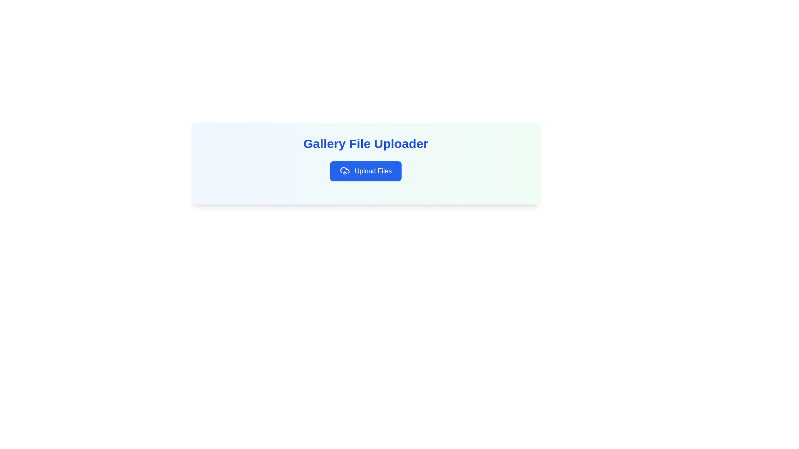  Describe the element at coordinates (345, 171) in the screenshot. I see `the blue button labeled 'Upload Files' which contains the cloud icon to initiate the file upload process` at that location.